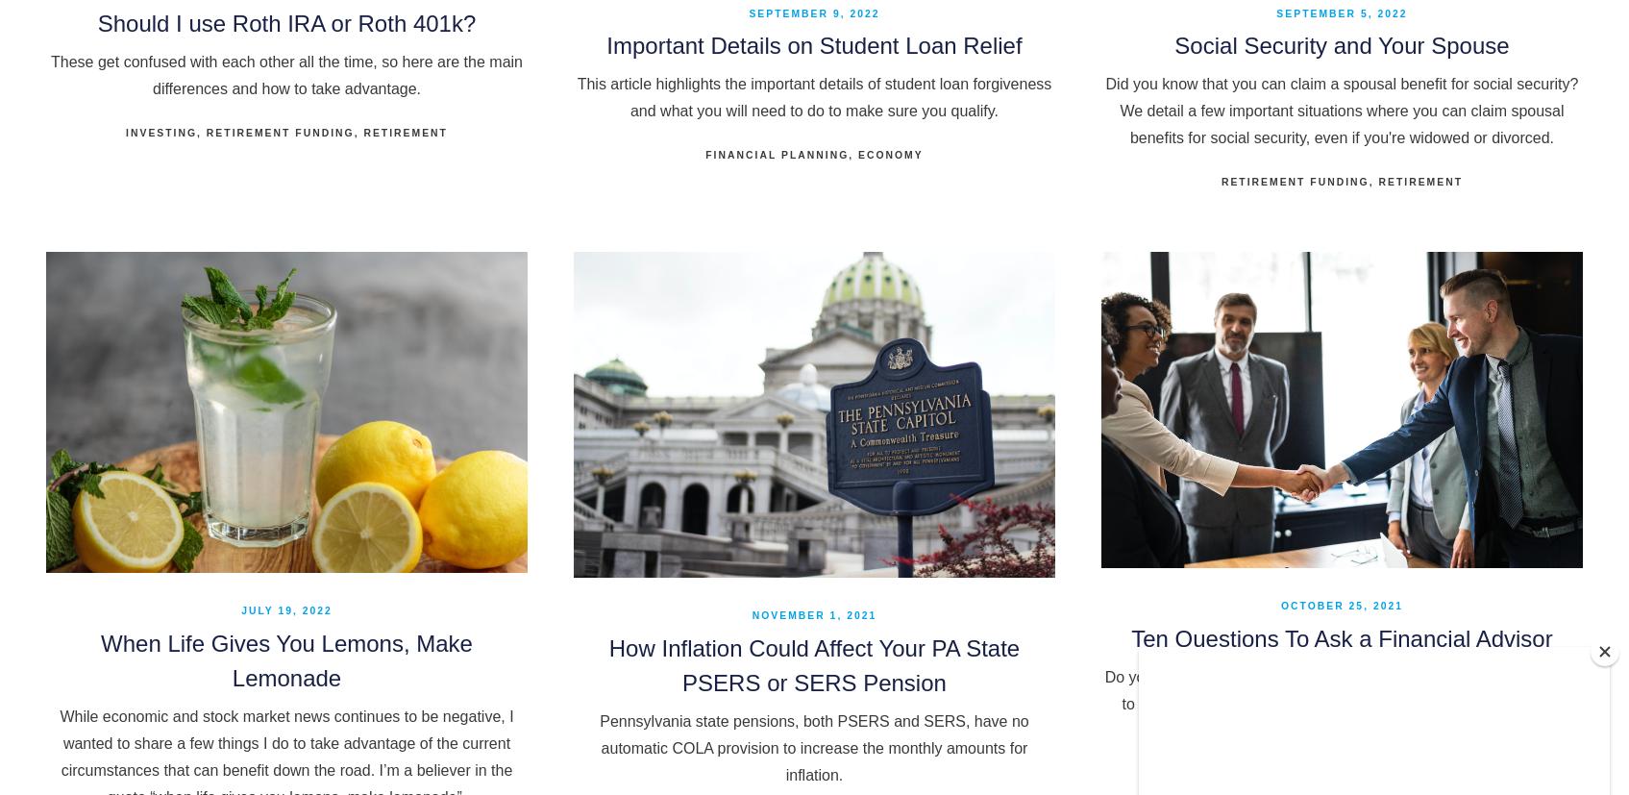  Describe the element at coordinates (813, 747) in the screenshot. I see `'Pennsylvania state pensions, both PSERS and SERS, have no automatic COLA provision to increase the monthly amounts for inflation.'` at that location.